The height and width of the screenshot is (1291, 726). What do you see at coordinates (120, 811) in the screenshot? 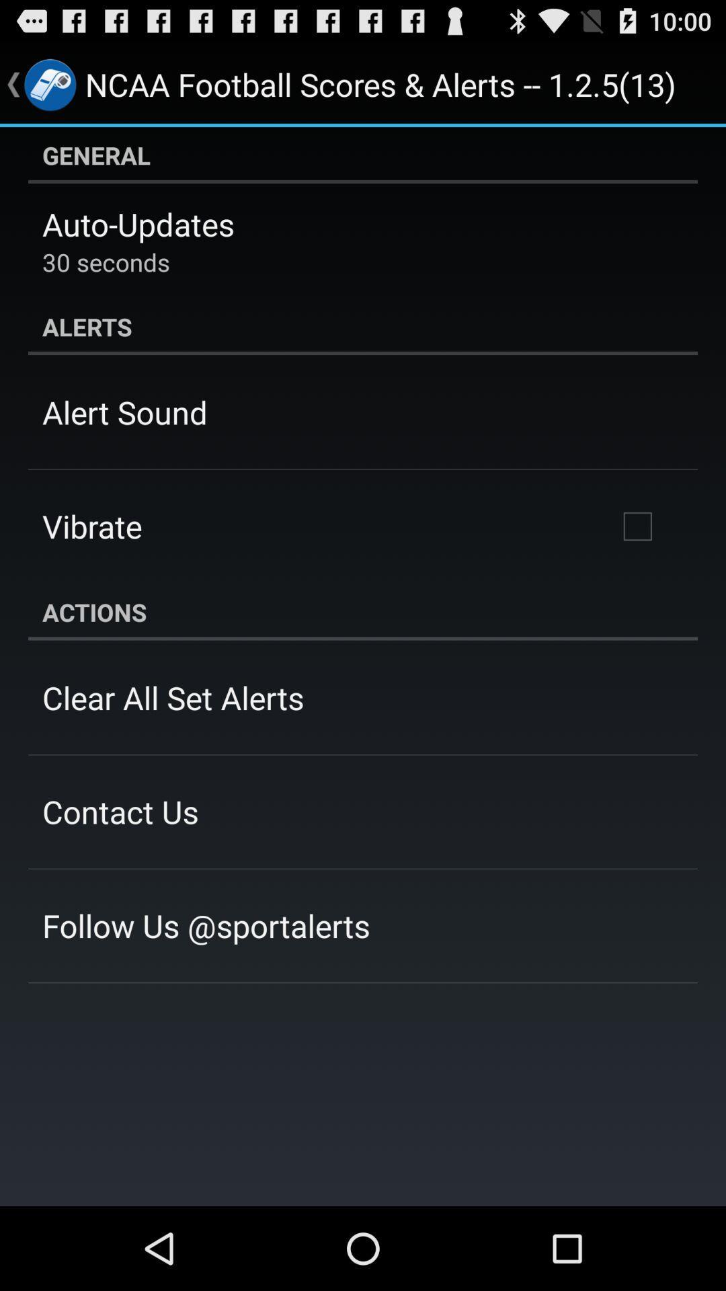
I see `contact us icon` at bounding box center [120, 811].